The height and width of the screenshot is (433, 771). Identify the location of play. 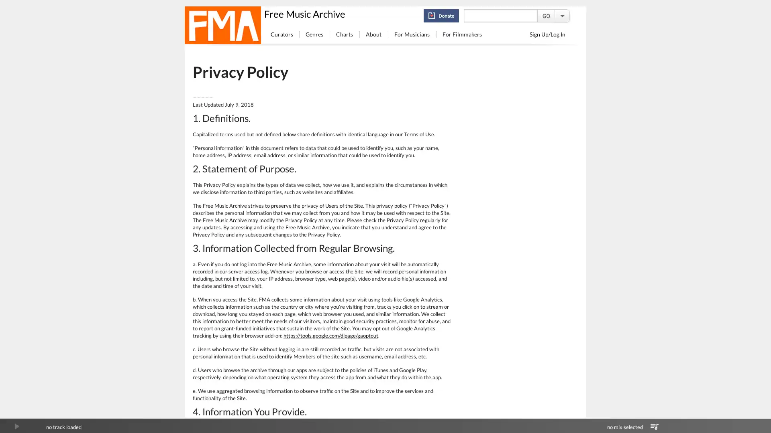
(16, 426).